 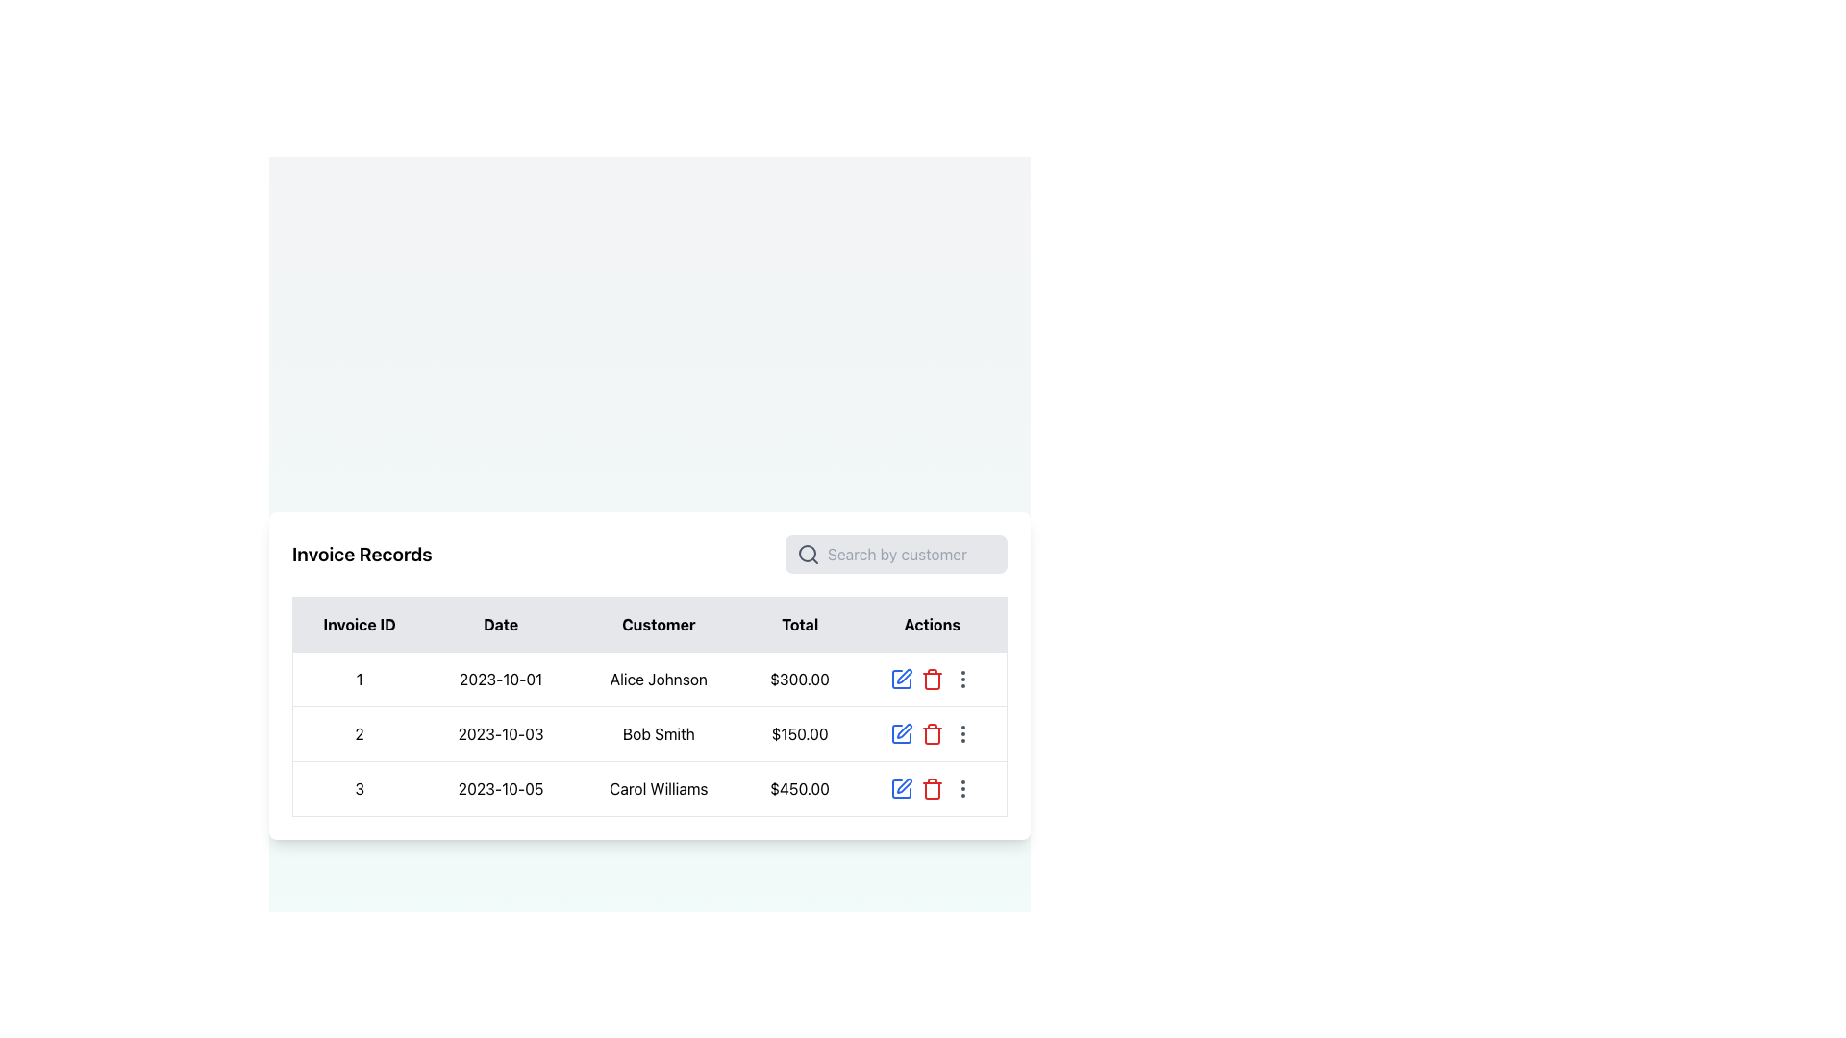 What do you see at coordinates (911, 554) in the screenshot?
I see `the text input field for searching customers, which features a transparent background and placeholder text 'Search by customer'` at bounding box center [911, 554].